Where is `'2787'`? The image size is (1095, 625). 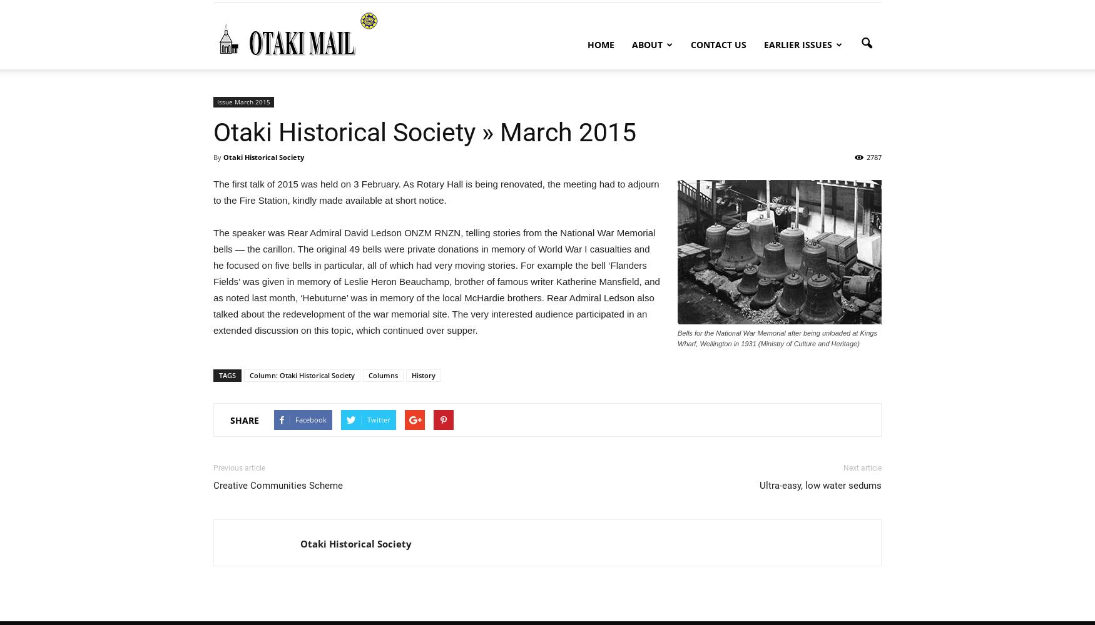
'2787' is located at coordinates (873, 157).